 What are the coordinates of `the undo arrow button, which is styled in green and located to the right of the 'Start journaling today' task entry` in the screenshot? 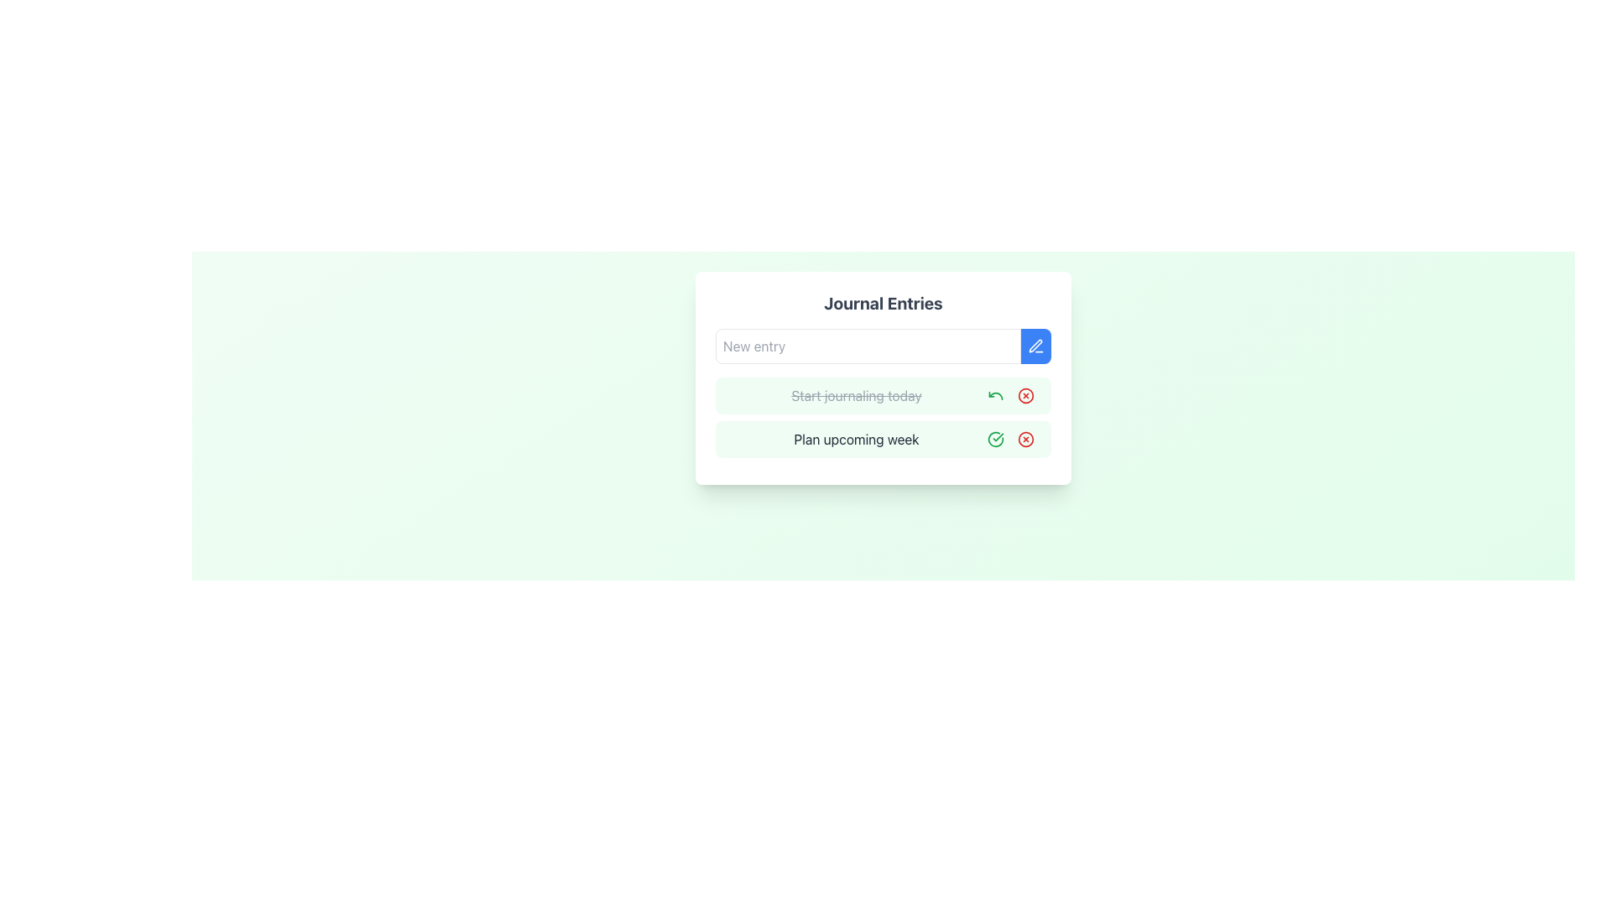 It's located at (995, 395).